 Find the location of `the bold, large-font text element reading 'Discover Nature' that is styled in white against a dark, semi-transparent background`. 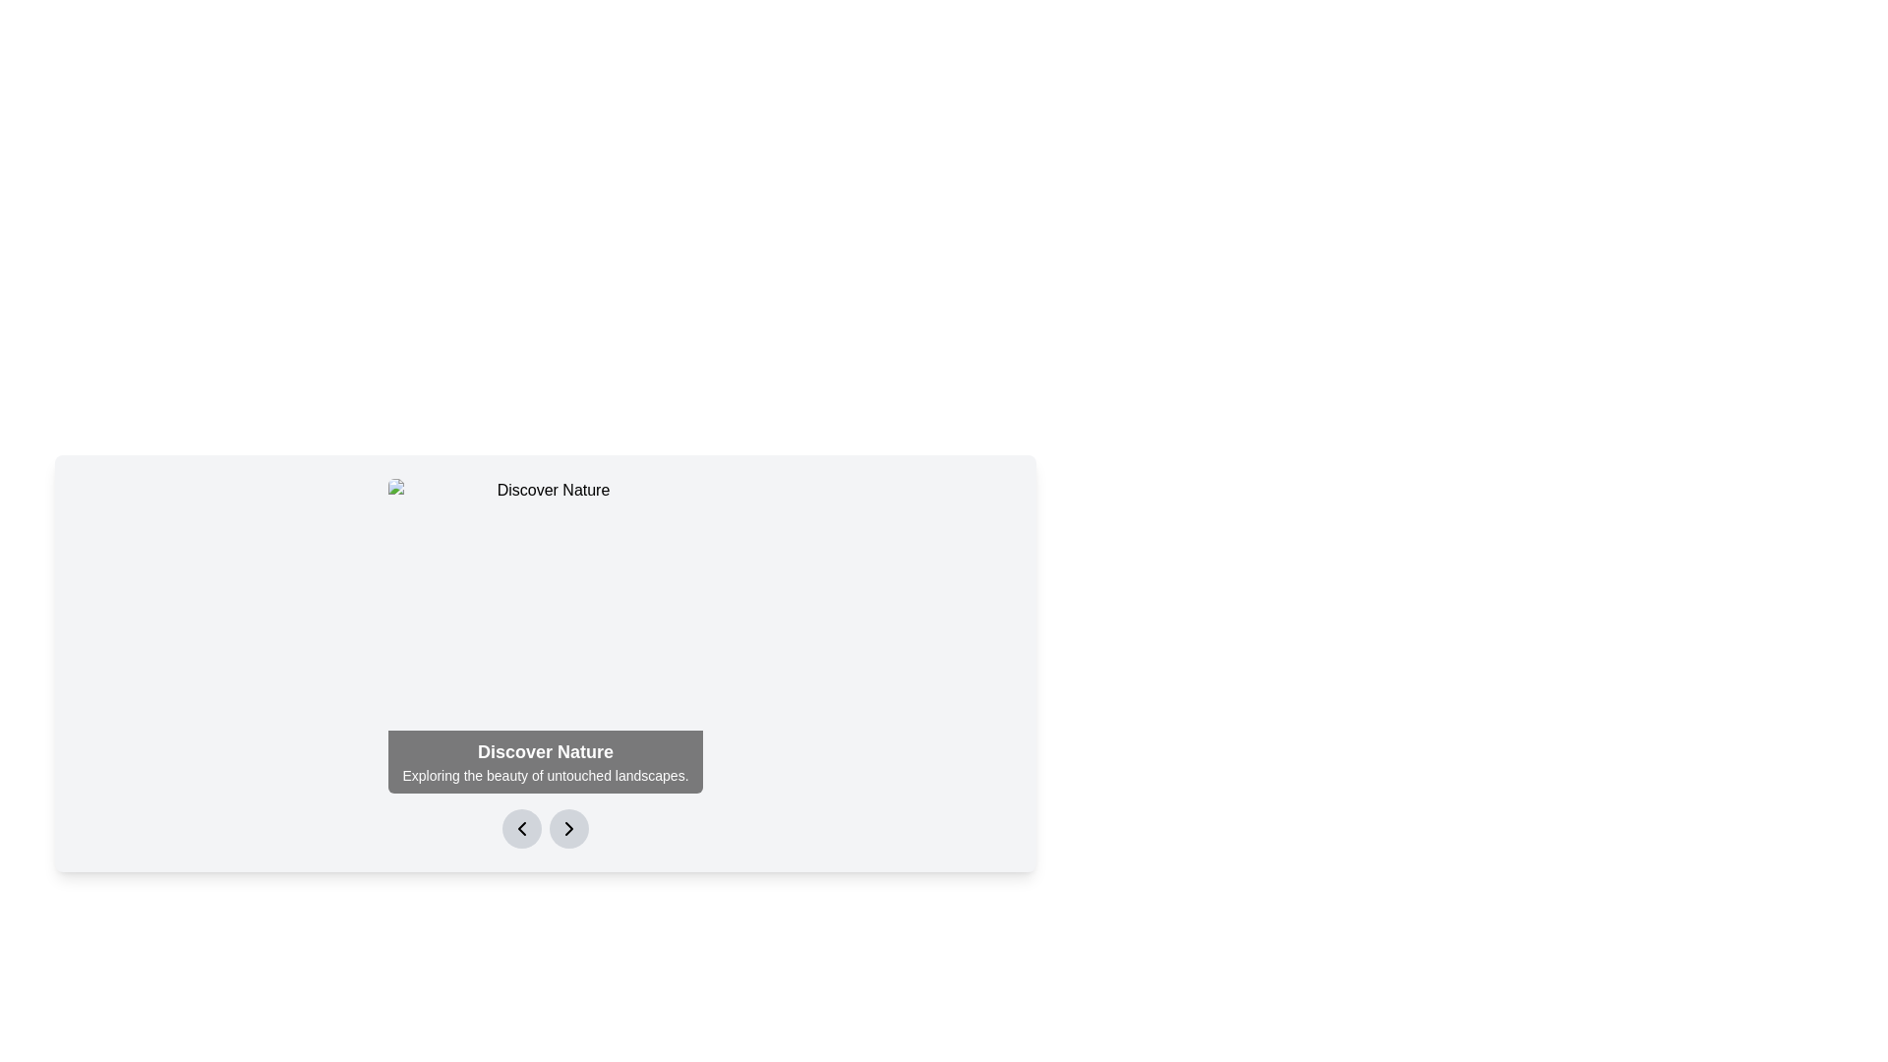

the bold, large-font text element reading 'Discover Nature' that is styled in white against a dark, semi-transparent background is located at coordinates (546, 751).